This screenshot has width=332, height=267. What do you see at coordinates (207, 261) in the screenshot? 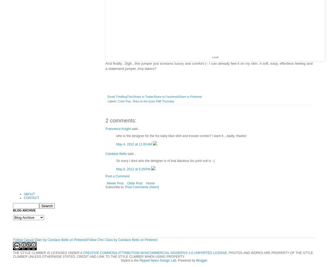
I see `'.'` at bounding box center [207, 261].